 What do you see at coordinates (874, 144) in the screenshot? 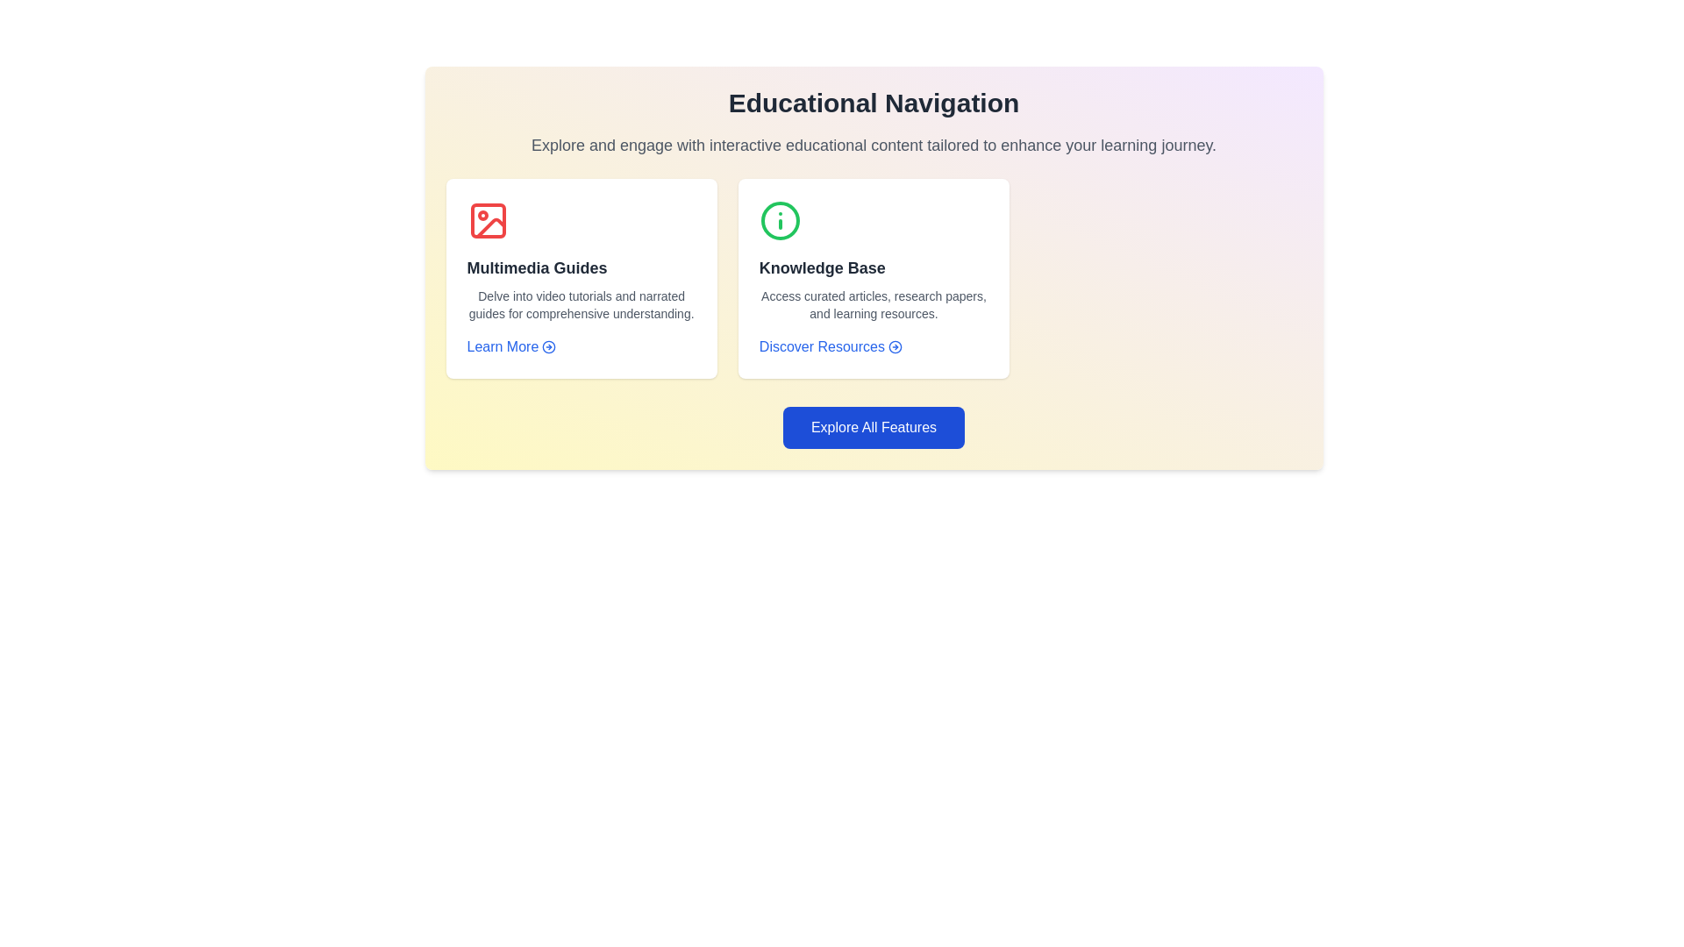
I see `text content of the paragraph located beneath the title 'Educational Navigation', which provides a brief description about the features or content in the section` at bounding box center [874, 144].